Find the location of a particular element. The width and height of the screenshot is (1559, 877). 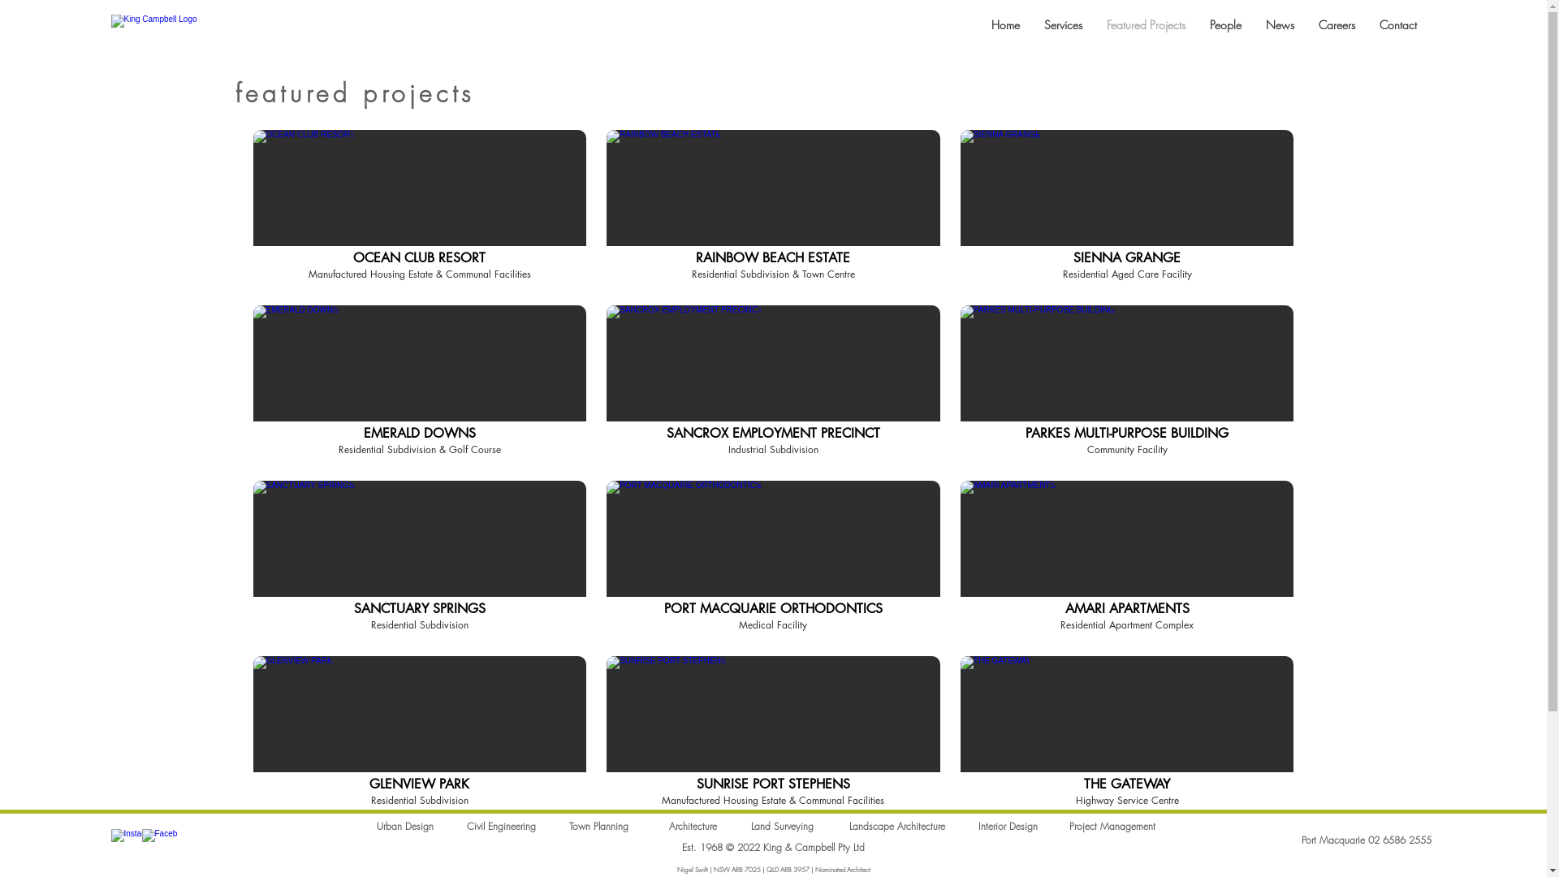

'Project Management' is located at coordinates (1110, 826).